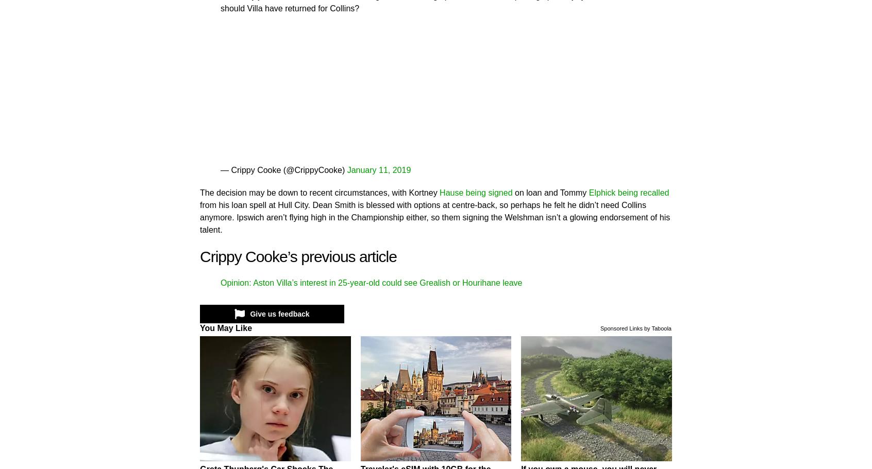 The image size is (872, 469). What do you see at coordinates (283, 169) in the screenshot?
I see `'— Crippy Cooke (@CrippyCooke)'` at bounding box center [283, 169].